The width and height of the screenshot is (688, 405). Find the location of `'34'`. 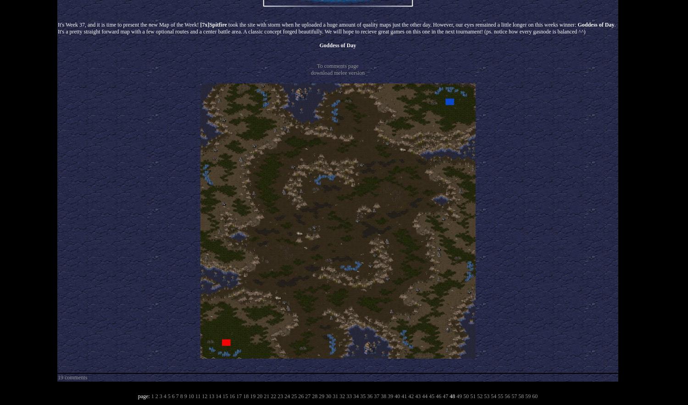

'34' is located at coordinates (355, 396).